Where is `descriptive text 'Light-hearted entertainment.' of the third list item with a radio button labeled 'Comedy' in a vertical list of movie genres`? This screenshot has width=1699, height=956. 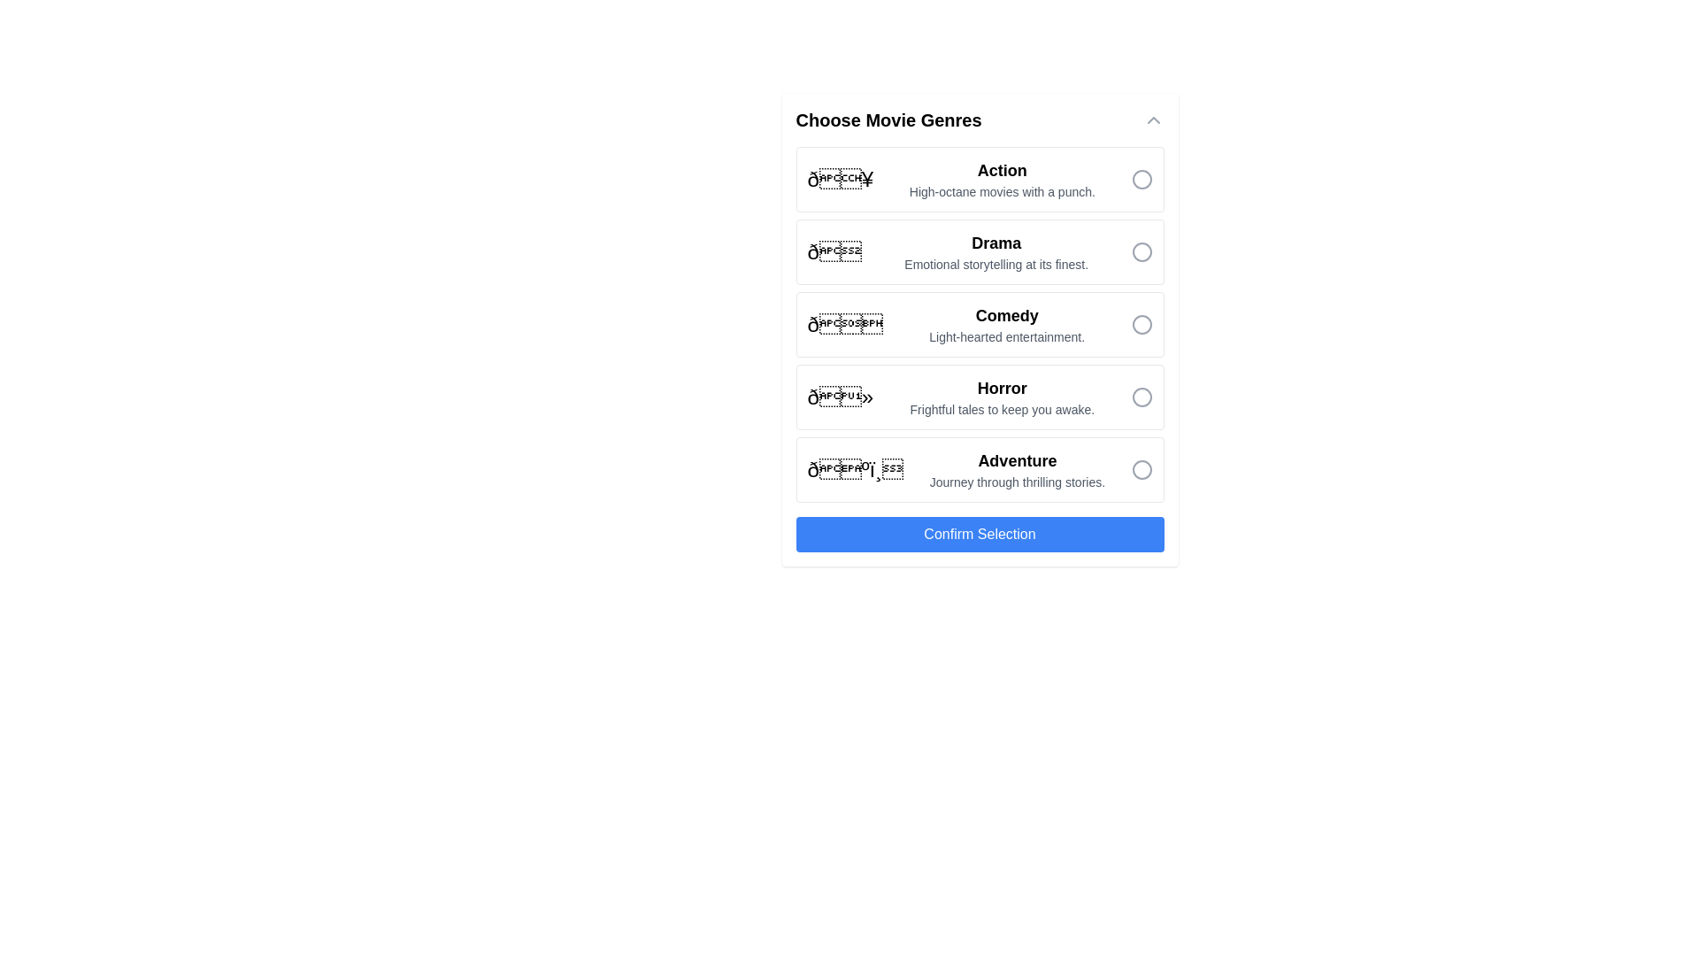 descriptive text 'Light-hearted entertainment.' of the third list item with a radio button labeled 'Comedy' in a vertical list of movie genres is located at coordinates (979, 324).